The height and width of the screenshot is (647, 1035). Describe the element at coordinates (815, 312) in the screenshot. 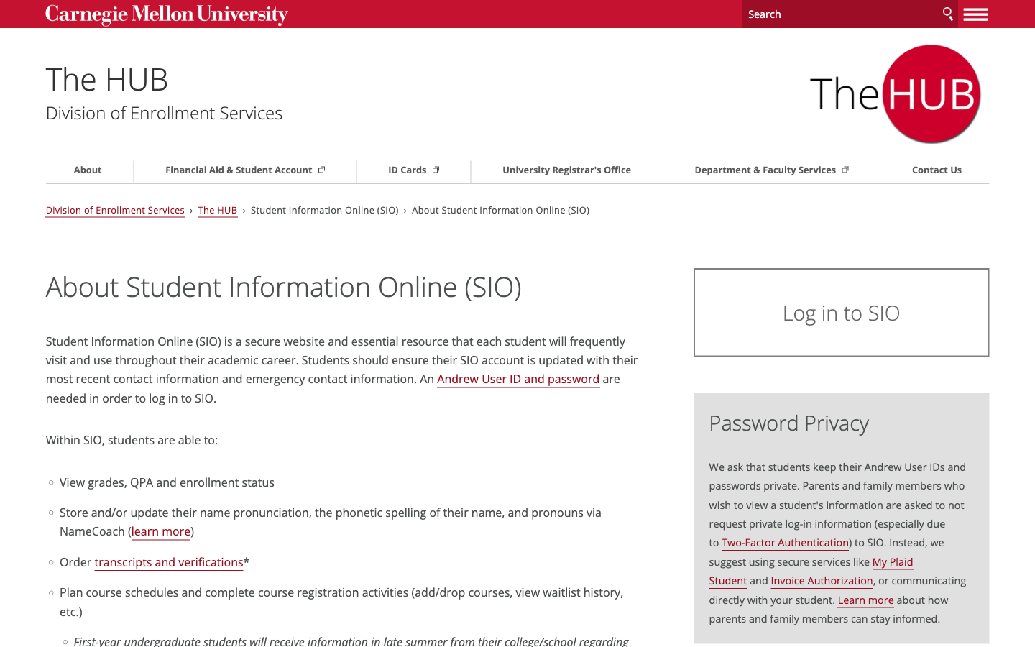

I see `Sign-in Page` at that location.